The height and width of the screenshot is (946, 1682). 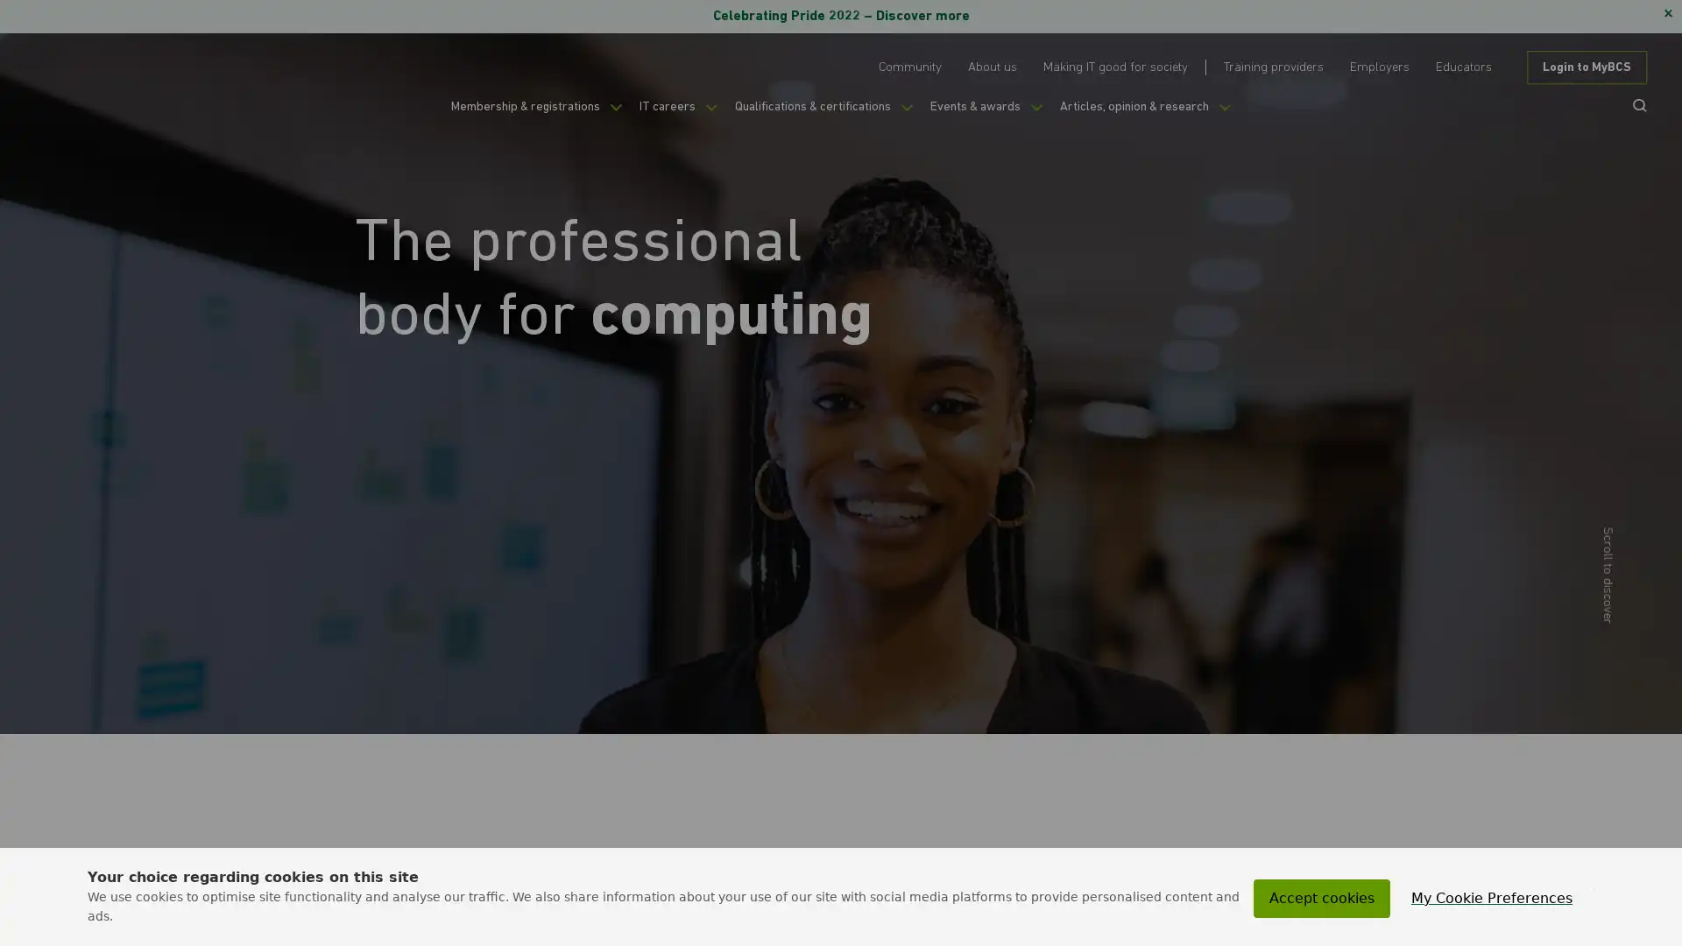 I want to click on My Cookie Preferences, so click(x=1491, y=899).